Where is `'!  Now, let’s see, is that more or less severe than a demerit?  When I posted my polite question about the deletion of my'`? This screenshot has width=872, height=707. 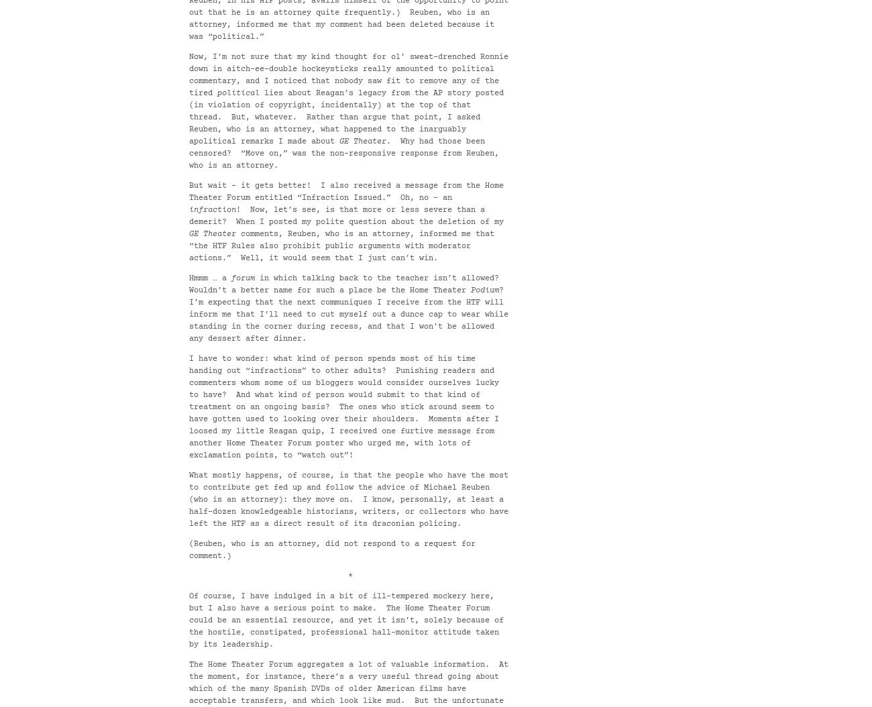
'!  Now, let’s see, is that more or less severe than a demerit?  When I posted my polite question about the deletion of my' is located at coordinates (346, 216).